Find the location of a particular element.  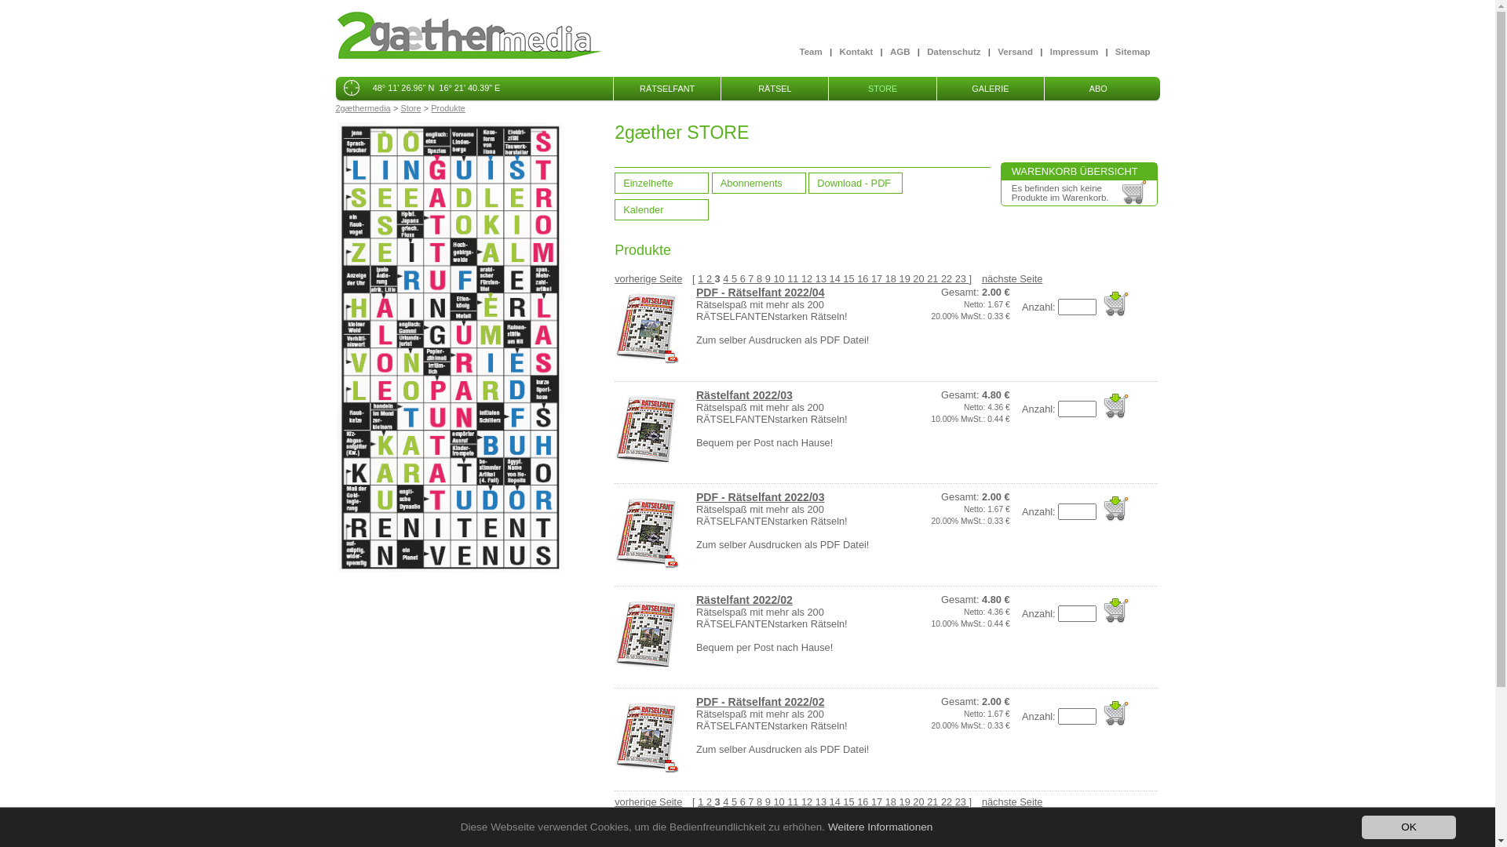

'19' is located at coordinates (899, 802).